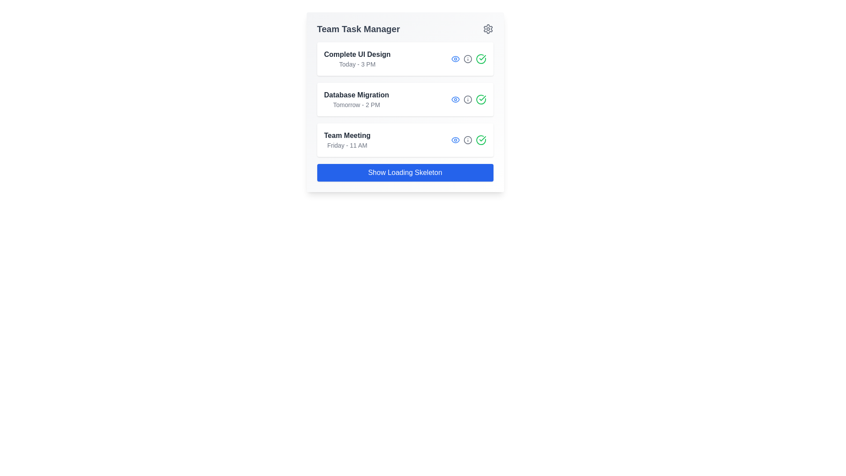 The width and height of the screenshot is (846, 476). What do you see at coordinates (357, 54) in the screenshot?
I see `the static label styled as bold text with the content 'Complete UI Design', which is located at the top-left corner of the first task card in the list of the 'Team Task Manager'` at bounding box center [357, 54].